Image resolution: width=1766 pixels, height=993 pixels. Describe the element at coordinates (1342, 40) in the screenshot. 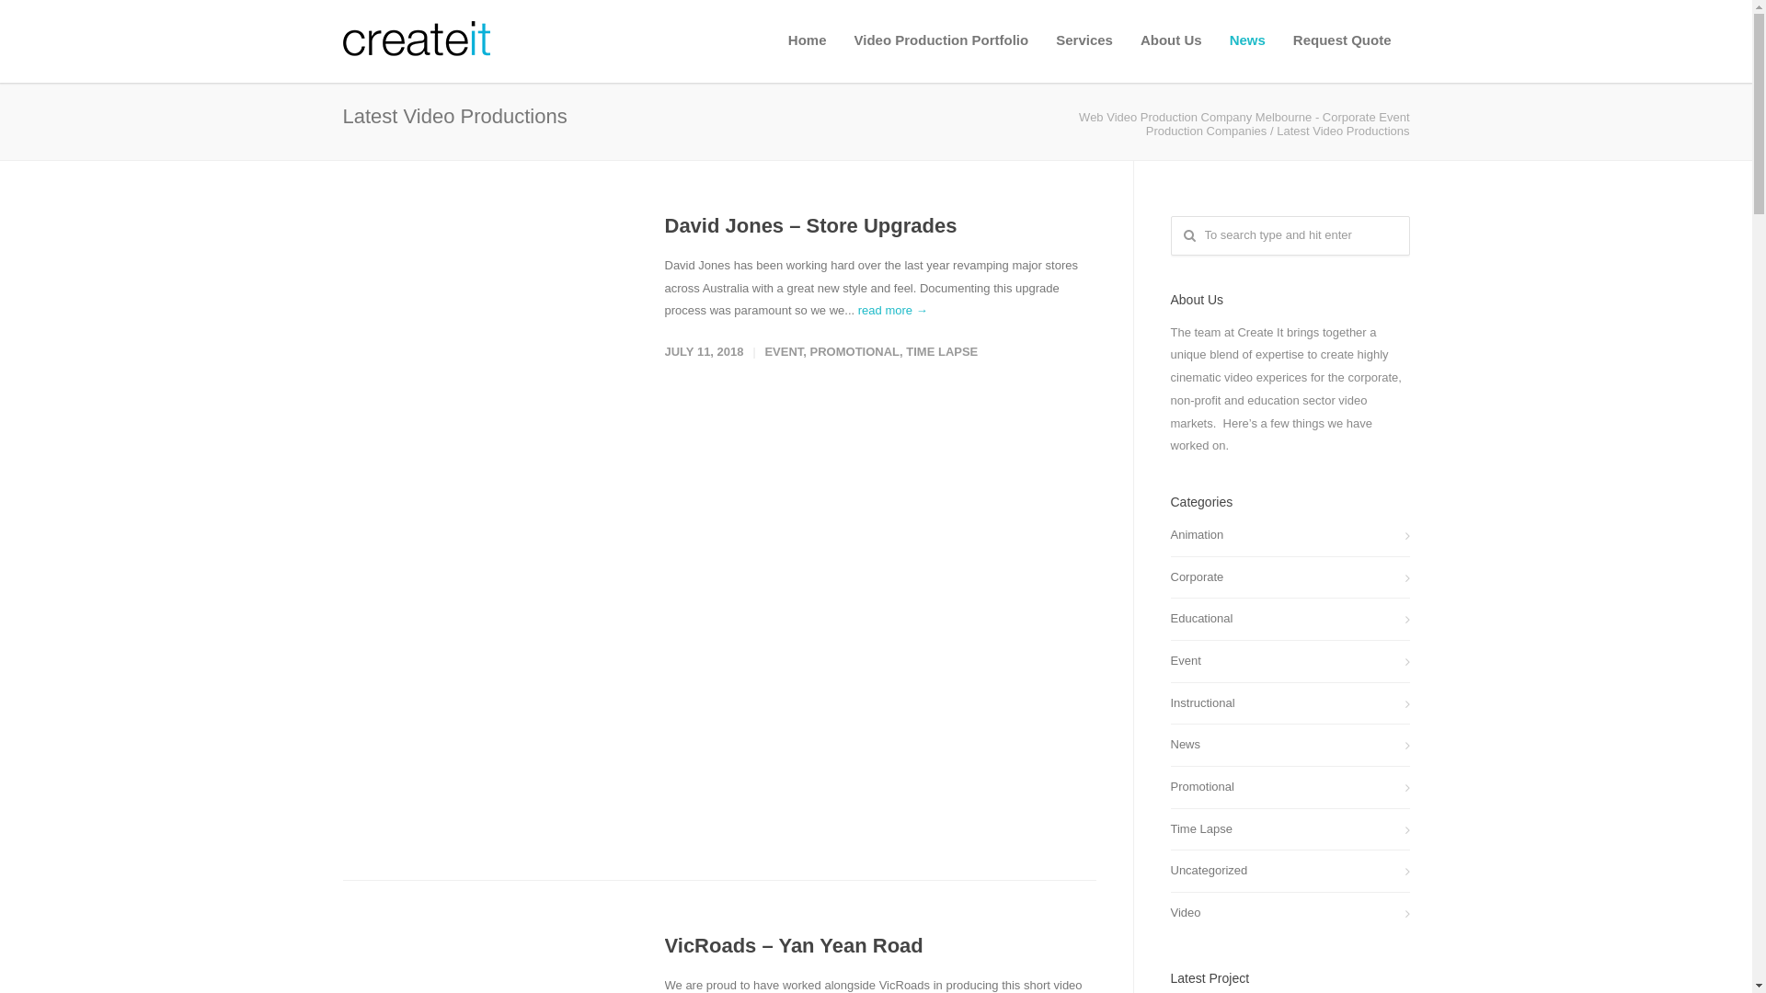

I see `'Request Quote'` at that location.